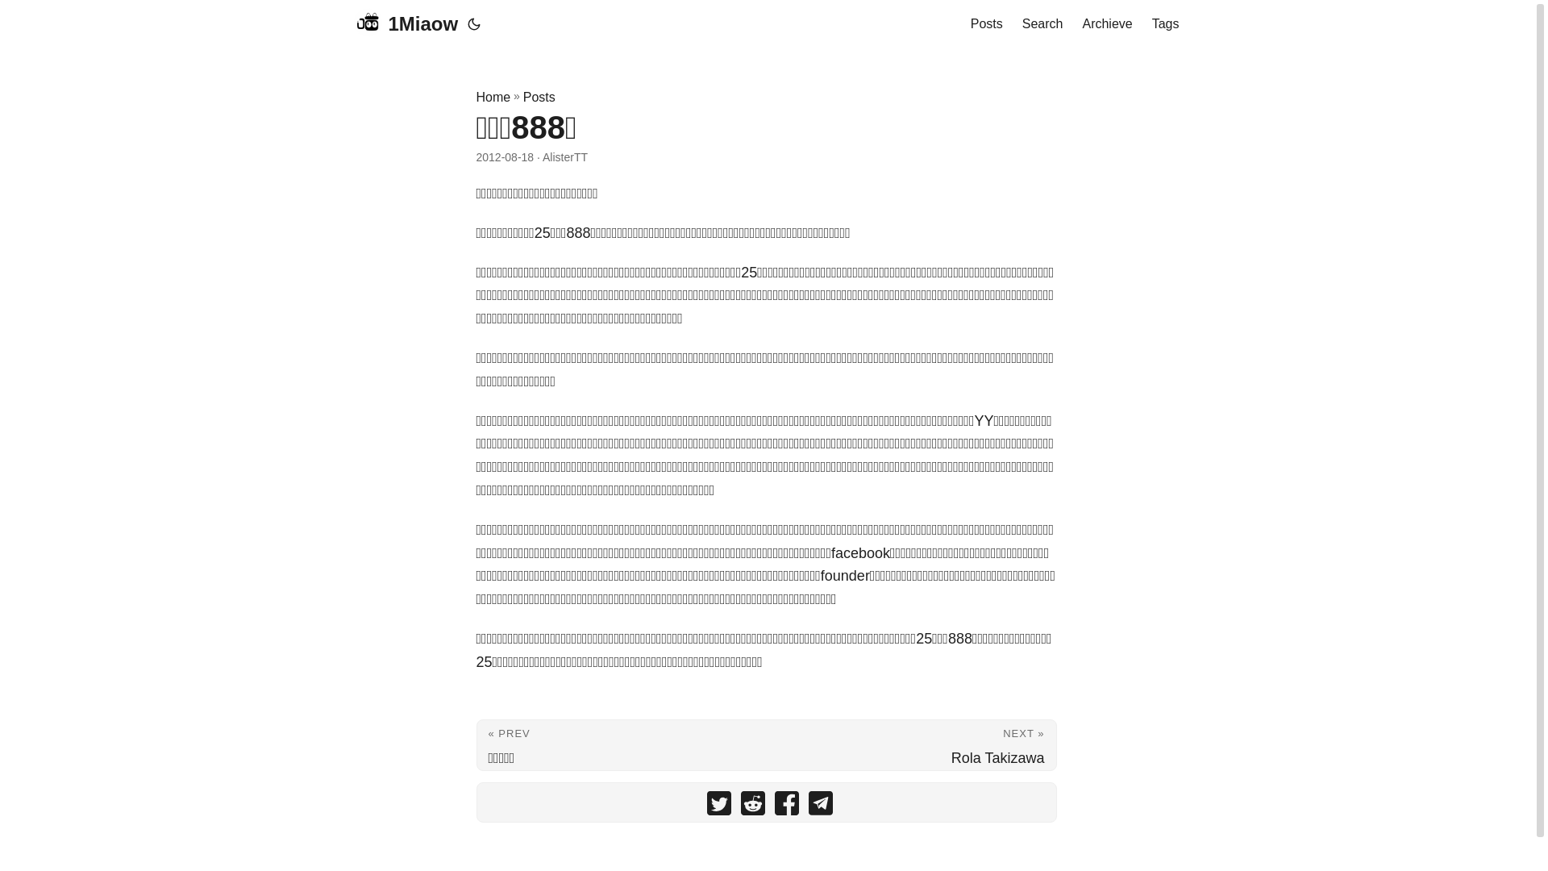 The width and height of the screenshot is (1548, 871). What do you see at coordinates (406, 24) in the screenshot?
I see `'1Miaow'` at bounding box center [406, 24].